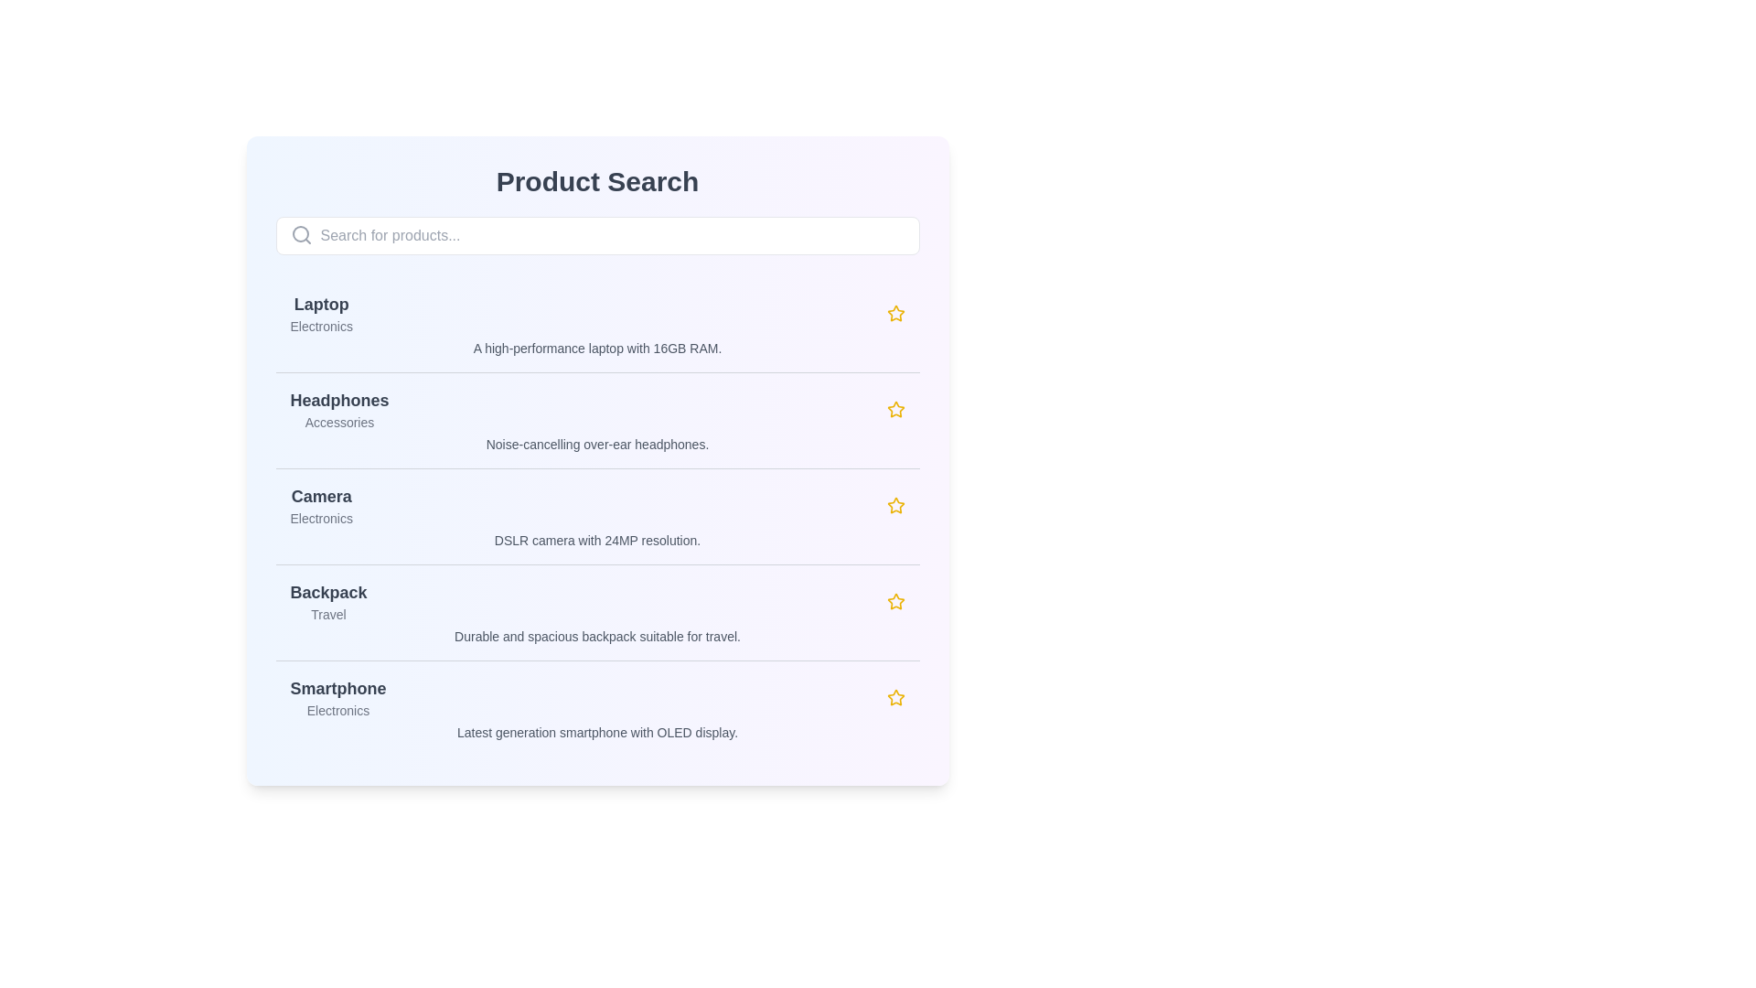  I want to click on the star icon located at the far right of the 'Headphones/Accessories' entry to mark the item as favorite or rate it, so click(895, 408).